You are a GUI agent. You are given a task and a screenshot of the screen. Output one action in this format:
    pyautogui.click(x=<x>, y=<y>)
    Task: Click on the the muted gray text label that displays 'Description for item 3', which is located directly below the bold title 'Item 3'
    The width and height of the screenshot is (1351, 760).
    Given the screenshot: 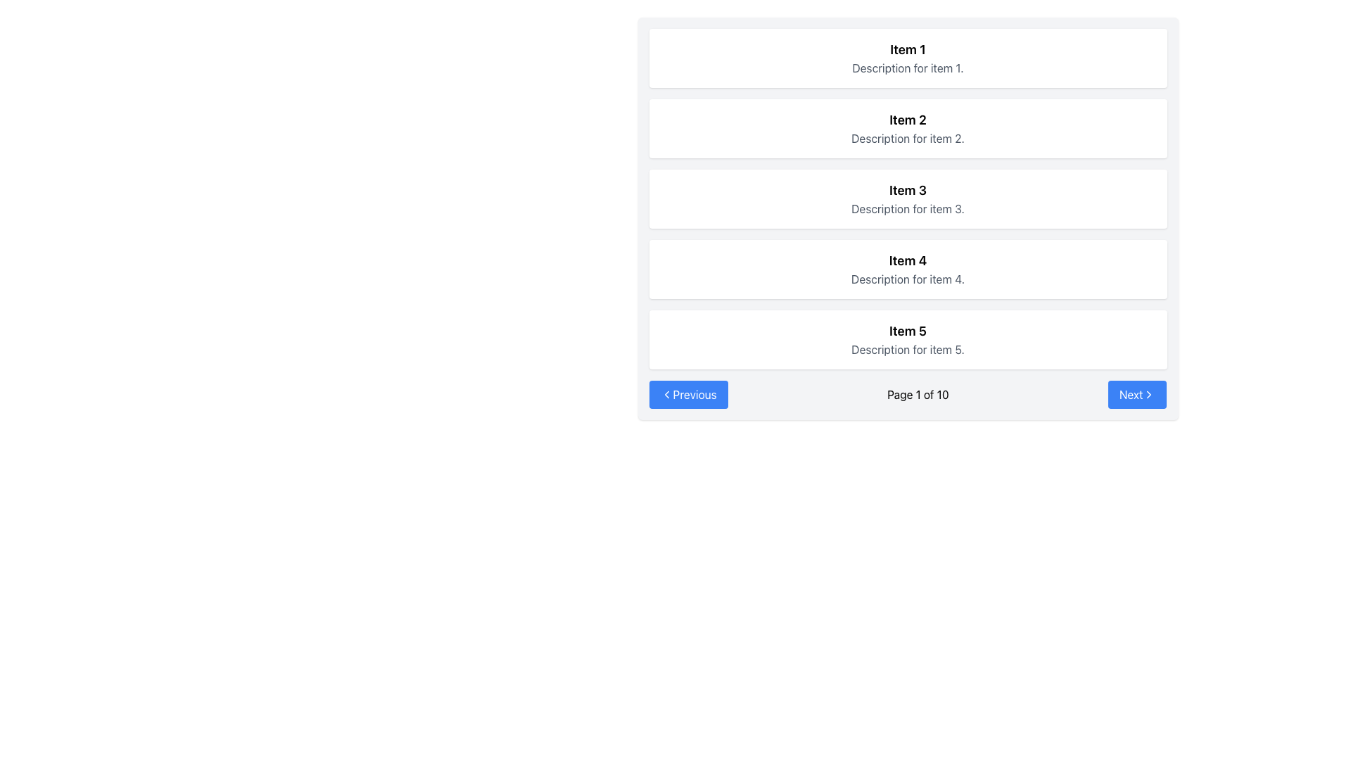 What is the action you would take?
    pyautogui.click(x=908, y=209)
    